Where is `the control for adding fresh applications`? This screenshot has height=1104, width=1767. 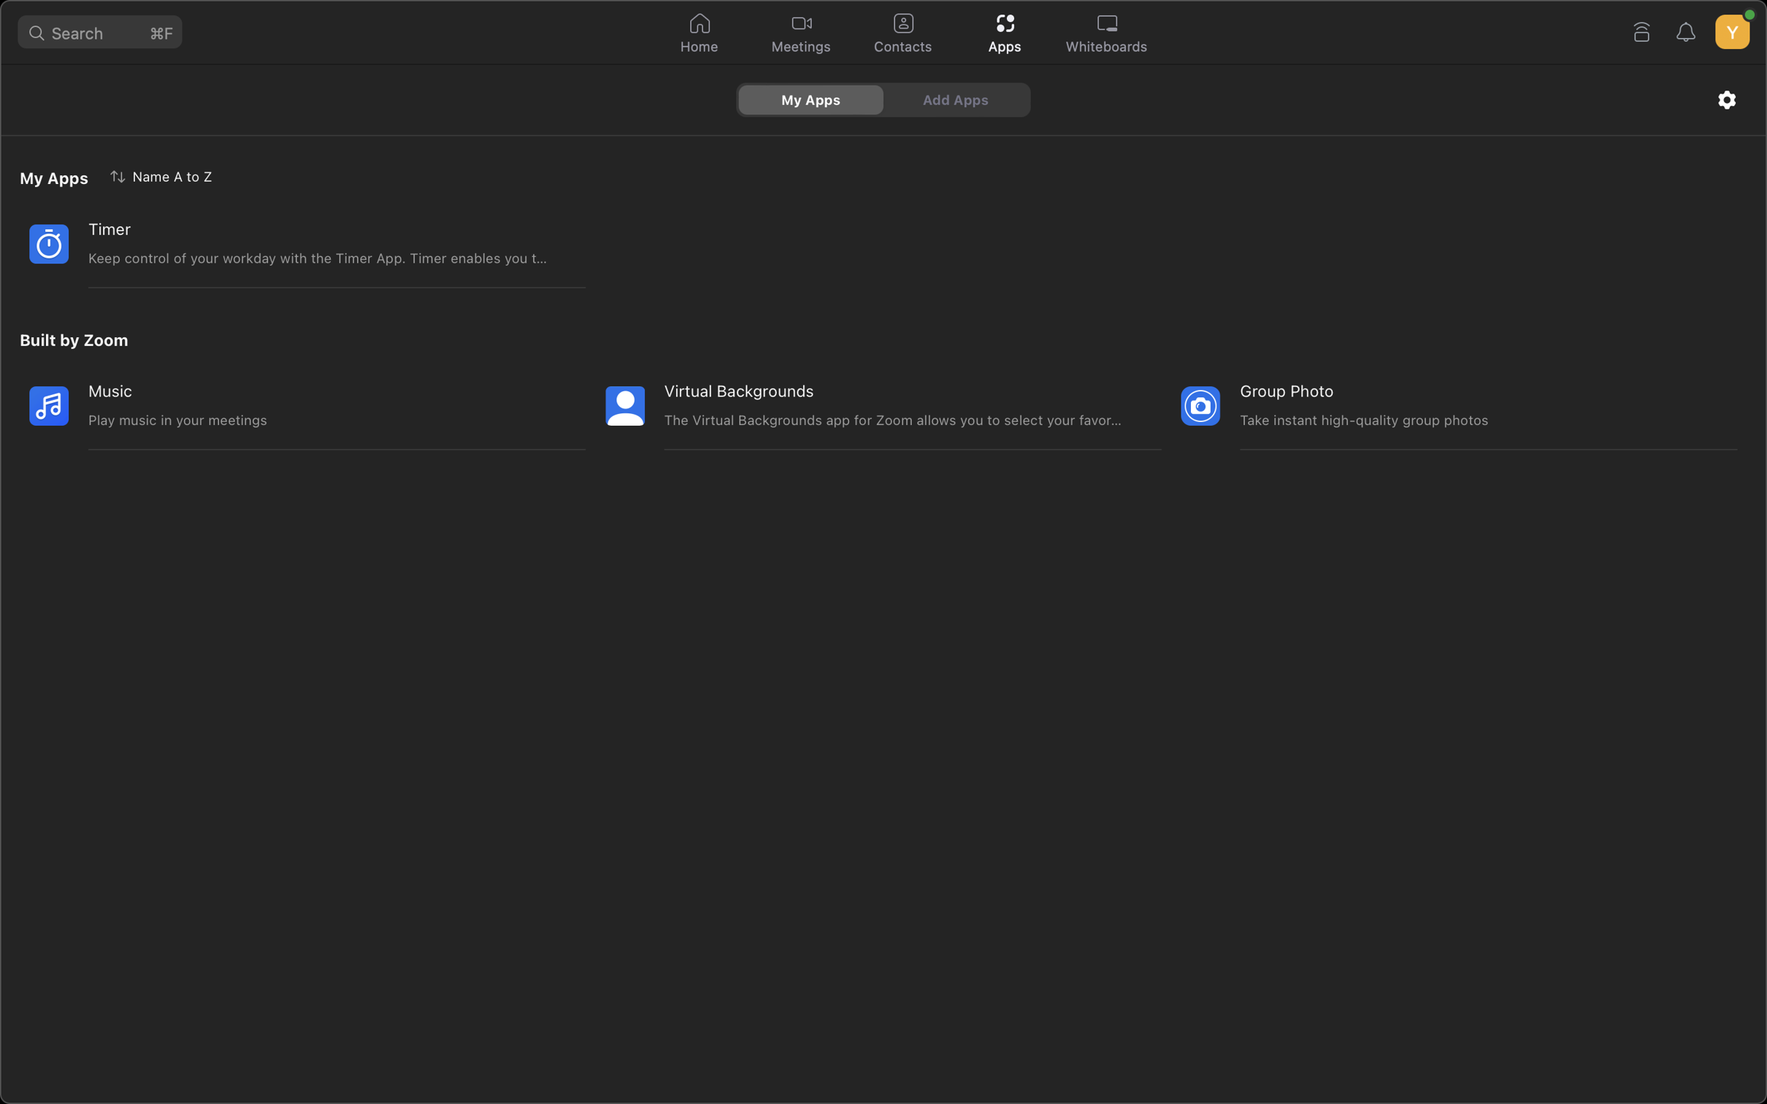 the control for adding fresh applications is located at coordinates (957, 99).